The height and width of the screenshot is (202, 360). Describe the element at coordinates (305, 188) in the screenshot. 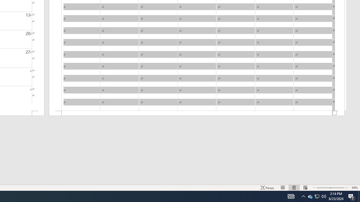

I see `'Web Layout'` at that location.